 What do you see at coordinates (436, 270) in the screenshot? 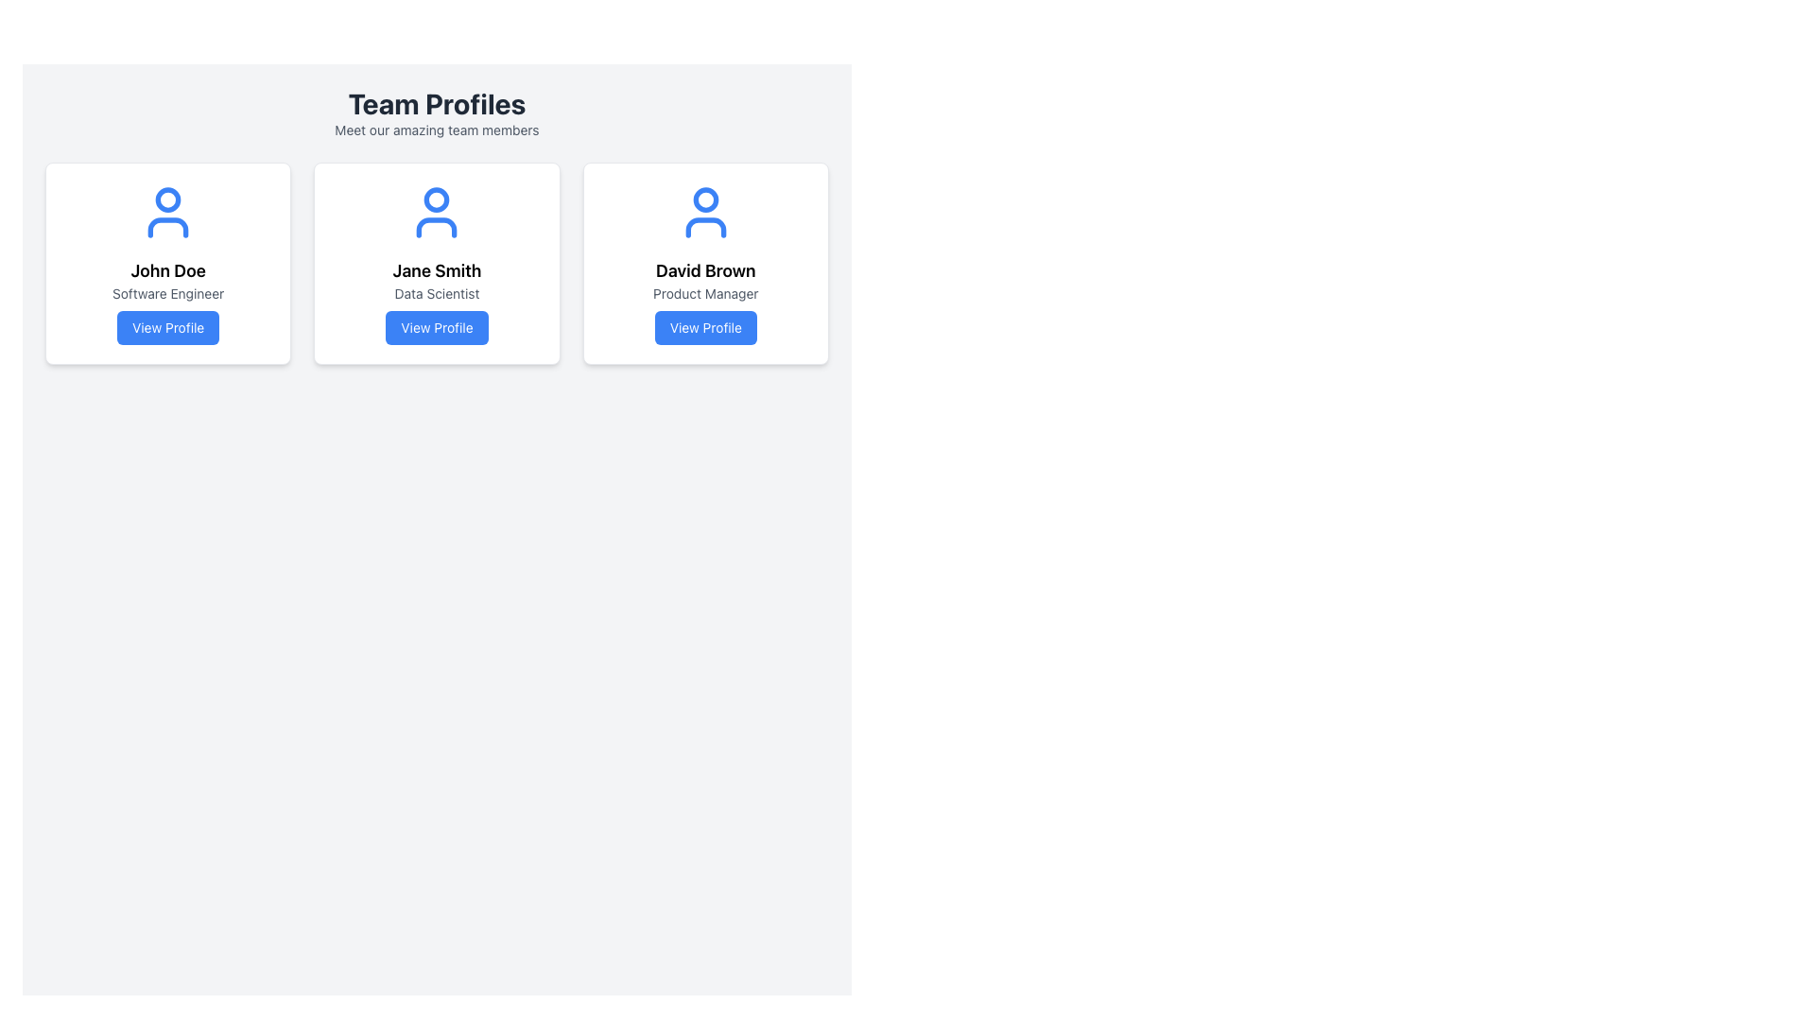
I see `text label displaying 'Jane Smith', which is styled in bold and located in the center card of the profile cards layout` at bounding box center [436, 270].